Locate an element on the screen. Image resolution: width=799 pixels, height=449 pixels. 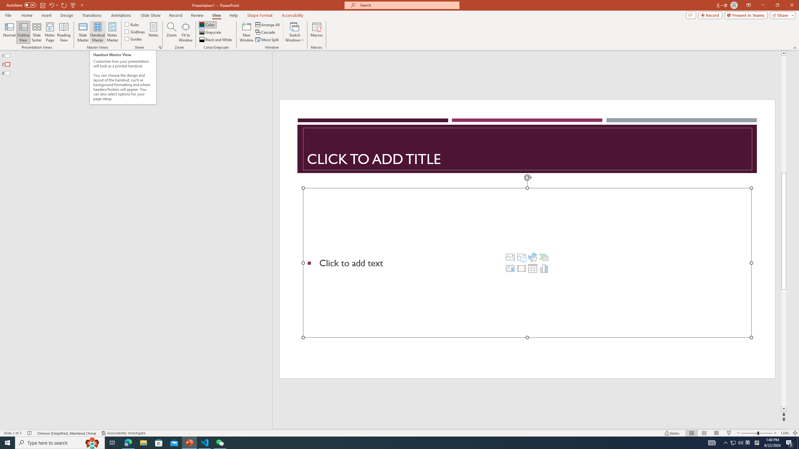
'Black and White' is located at coordinates (216, 40).